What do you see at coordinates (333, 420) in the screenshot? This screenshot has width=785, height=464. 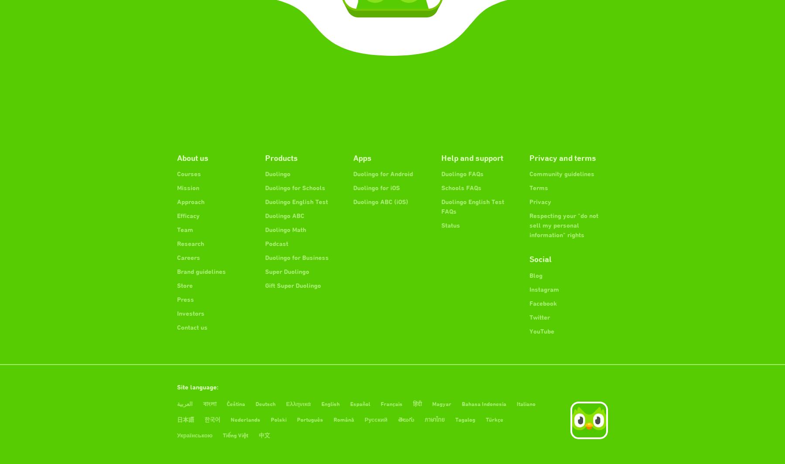 I see `'Română'` at bounding box center [333, 420].